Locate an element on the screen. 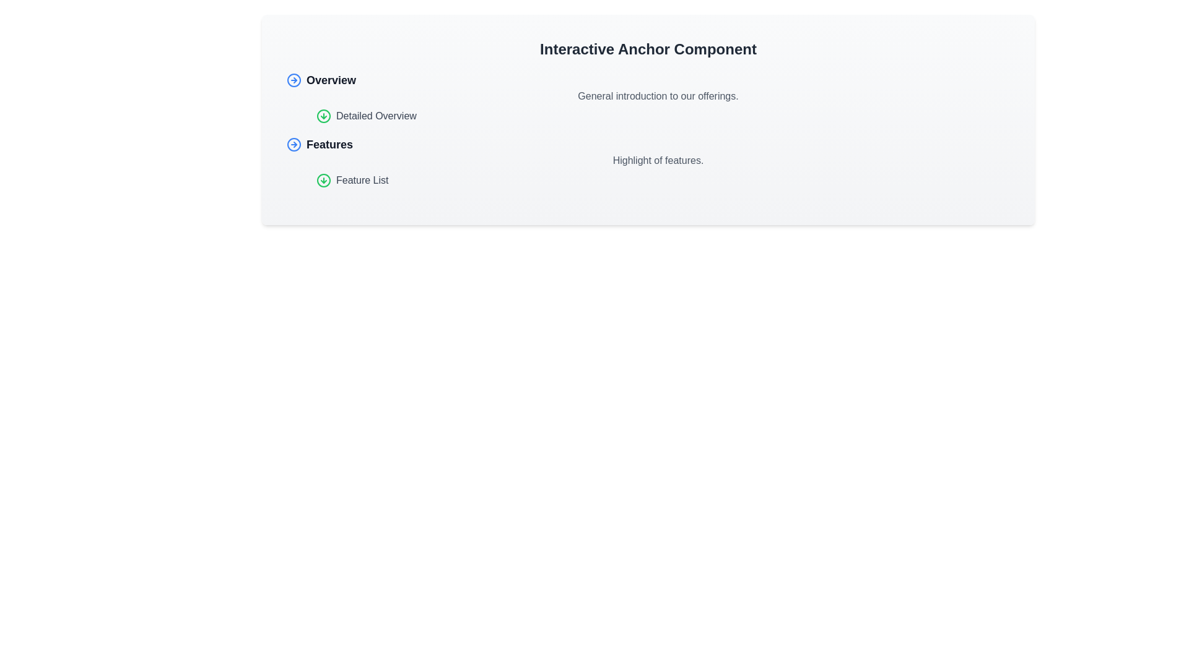 The image size is (1189, 668). the SVG circle element that is part of the larger icon associated with the 'Detailed Overview' text, positioned between 'Overview' and 'Features' is located at coordinates (324, 116).